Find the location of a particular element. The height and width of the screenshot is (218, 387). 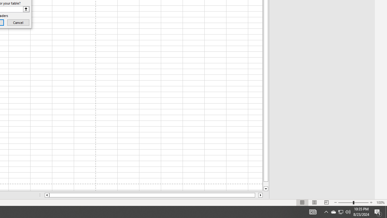

'Line down' is located at coordinates (266, 189).